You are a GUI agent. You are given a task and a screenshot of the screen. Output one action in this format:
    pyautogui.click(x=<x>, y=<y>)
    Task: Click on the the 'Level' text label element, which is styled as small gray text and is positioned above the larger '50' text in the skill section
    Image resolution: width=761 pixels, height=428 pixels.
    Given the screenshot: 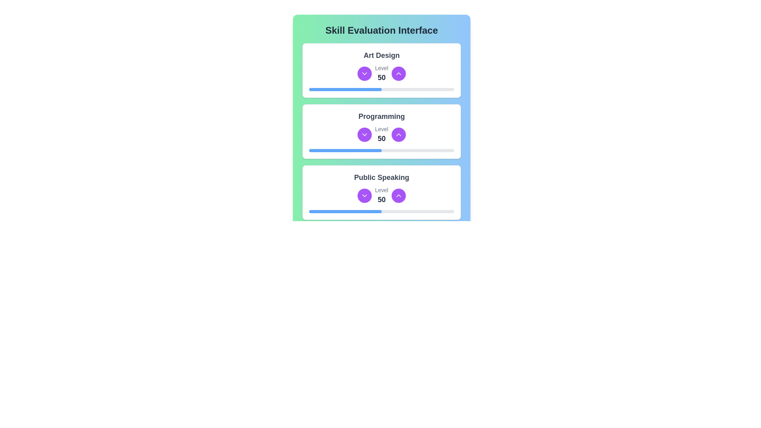 What is the action you would take?
    pyautogui.click(x=382, y=68)
    